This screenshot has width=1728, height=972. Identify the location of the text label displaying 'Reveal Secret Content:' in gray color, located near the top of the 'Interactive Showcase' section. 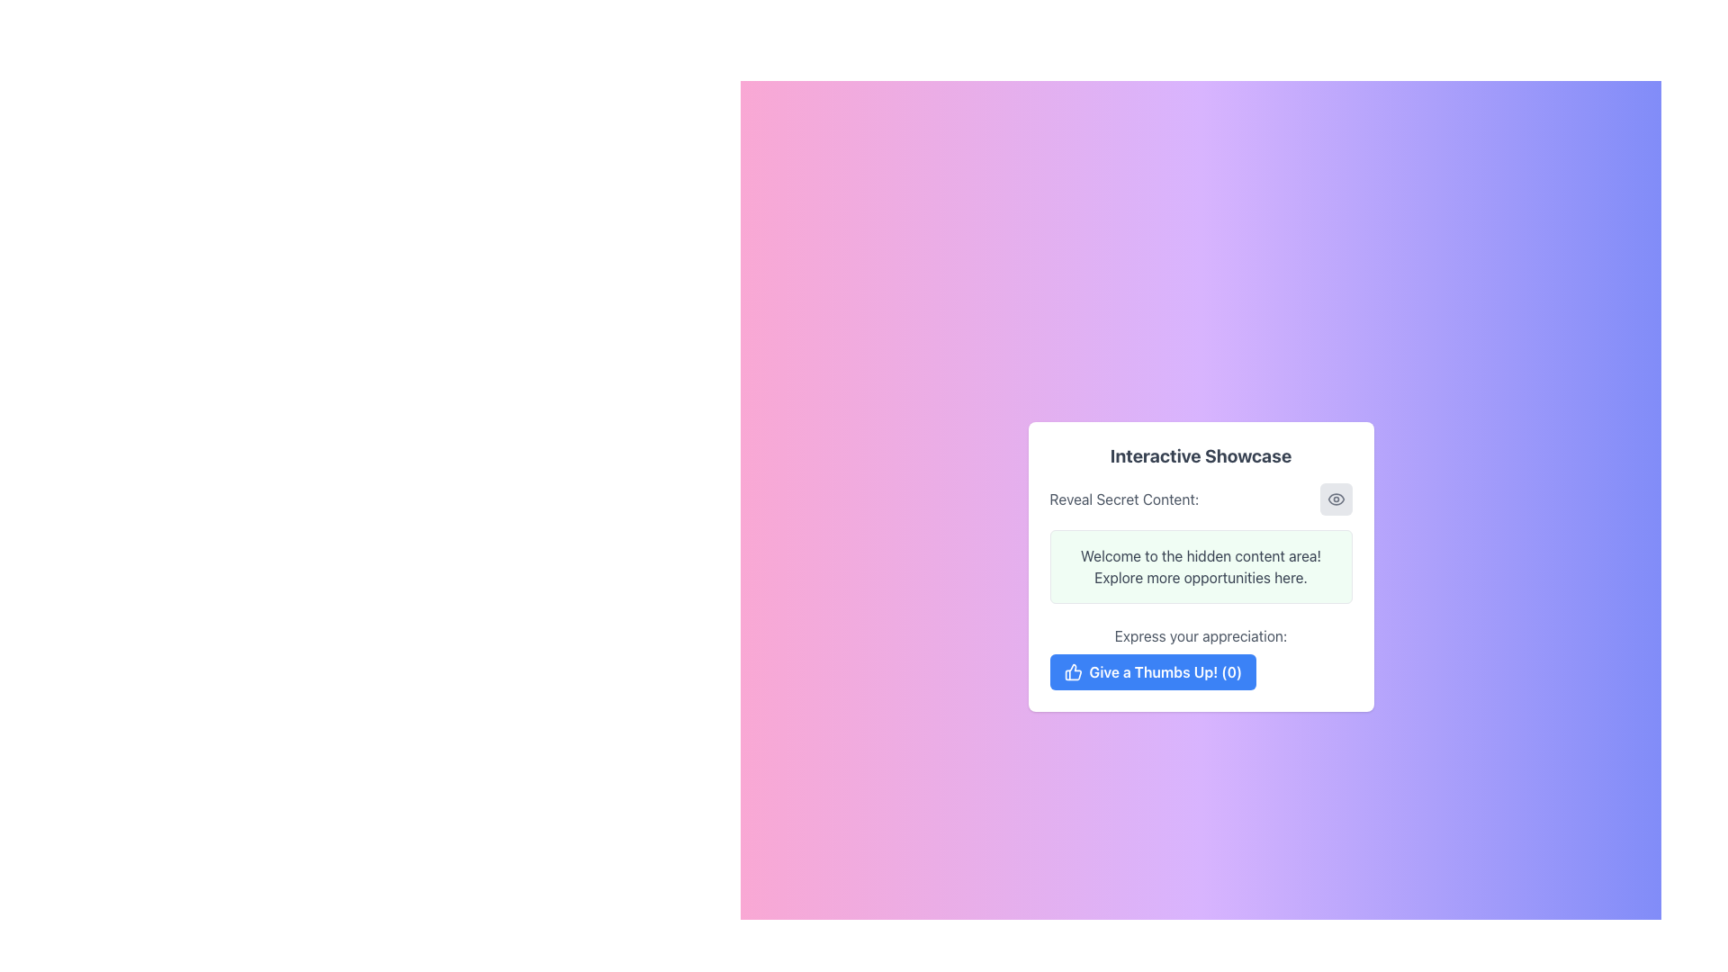
(1123, 499).